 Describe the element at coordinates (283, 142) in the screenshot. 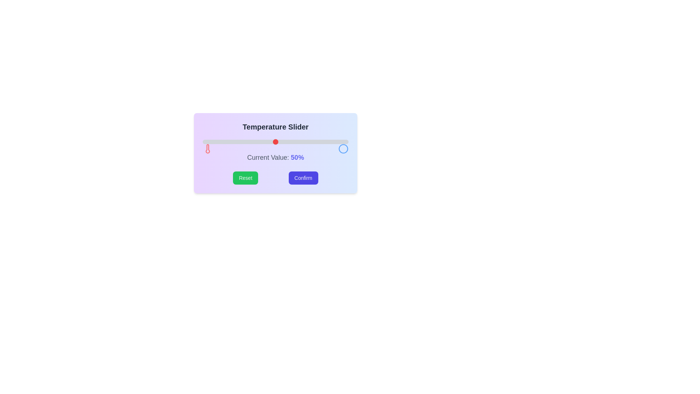

I see `the slider to set the value to 55` at that location.